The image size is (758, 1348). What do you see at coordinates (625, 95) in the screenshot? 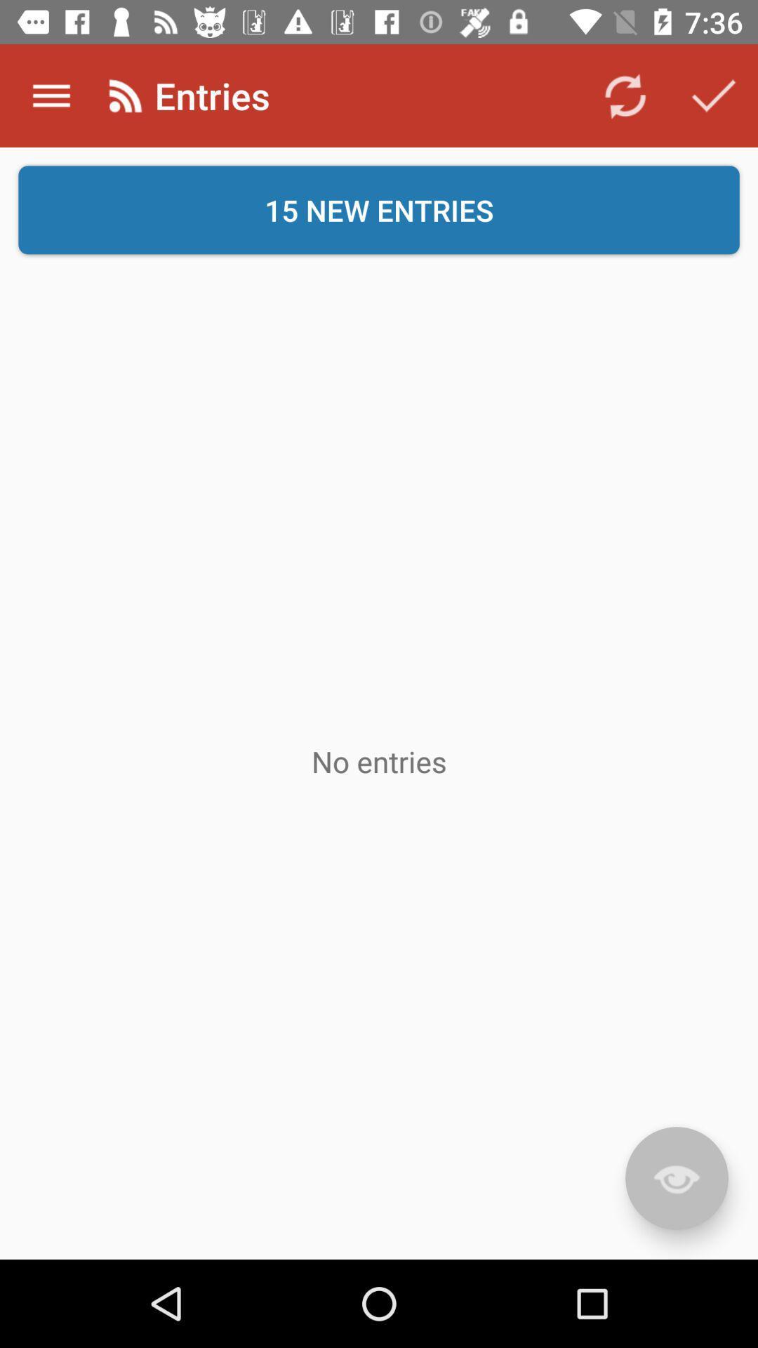
I see `button above 15 new entries button` at bounding box center [625, 95].